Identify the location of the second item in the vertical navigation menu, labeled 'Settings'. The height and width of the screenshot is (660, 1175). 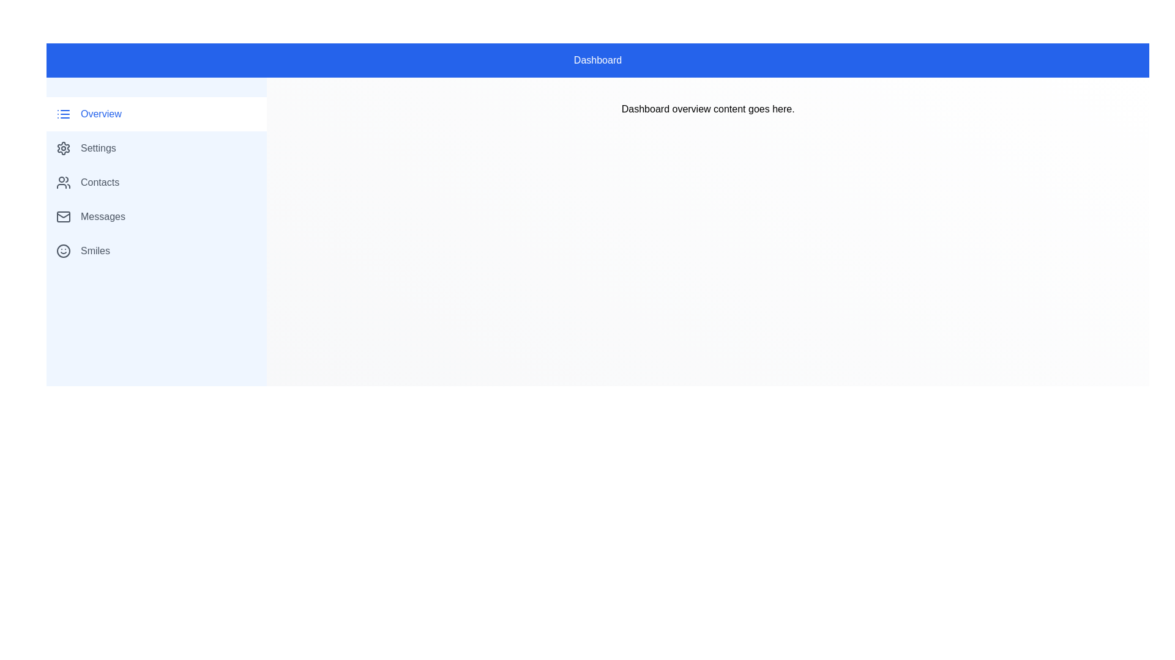
(156, 148).